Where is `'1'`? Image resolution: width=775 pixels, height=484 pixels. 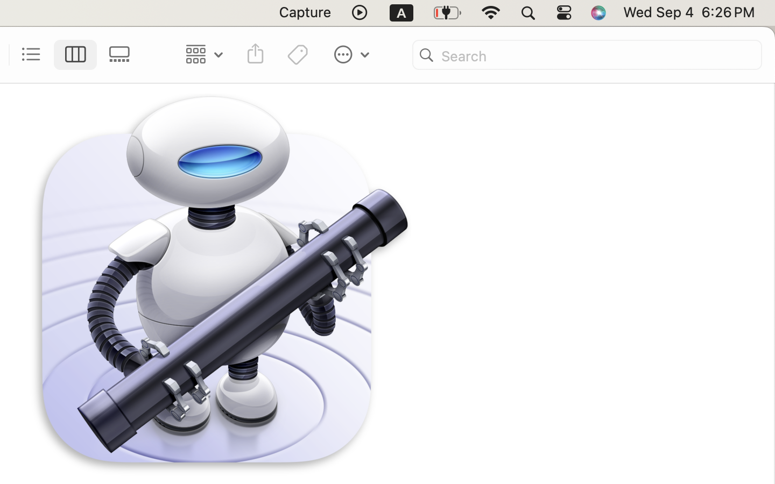
'1' is located at coordinates (75, 54).